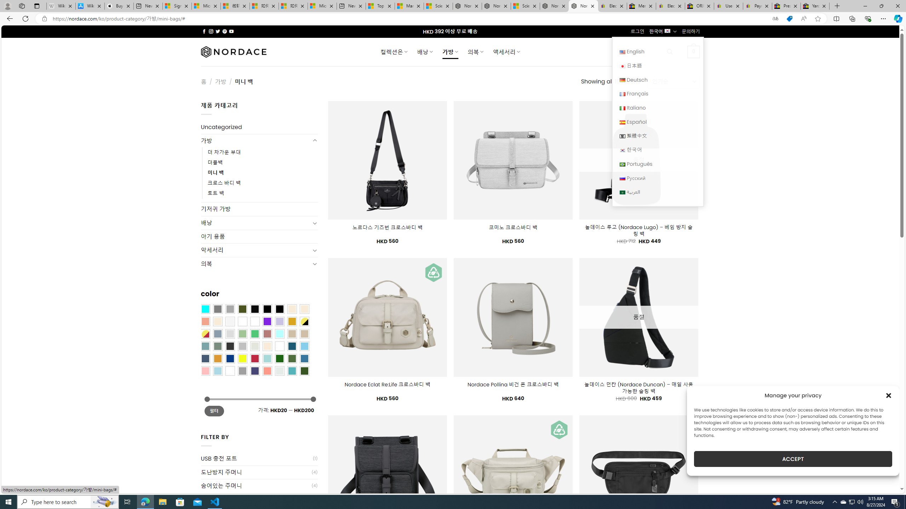 Image resolution: width=906 pixels, height=509 pixels. Describe the element at coordinates (658, 107) in the screenshot. I see `'Italiano Italiano'` at that location.